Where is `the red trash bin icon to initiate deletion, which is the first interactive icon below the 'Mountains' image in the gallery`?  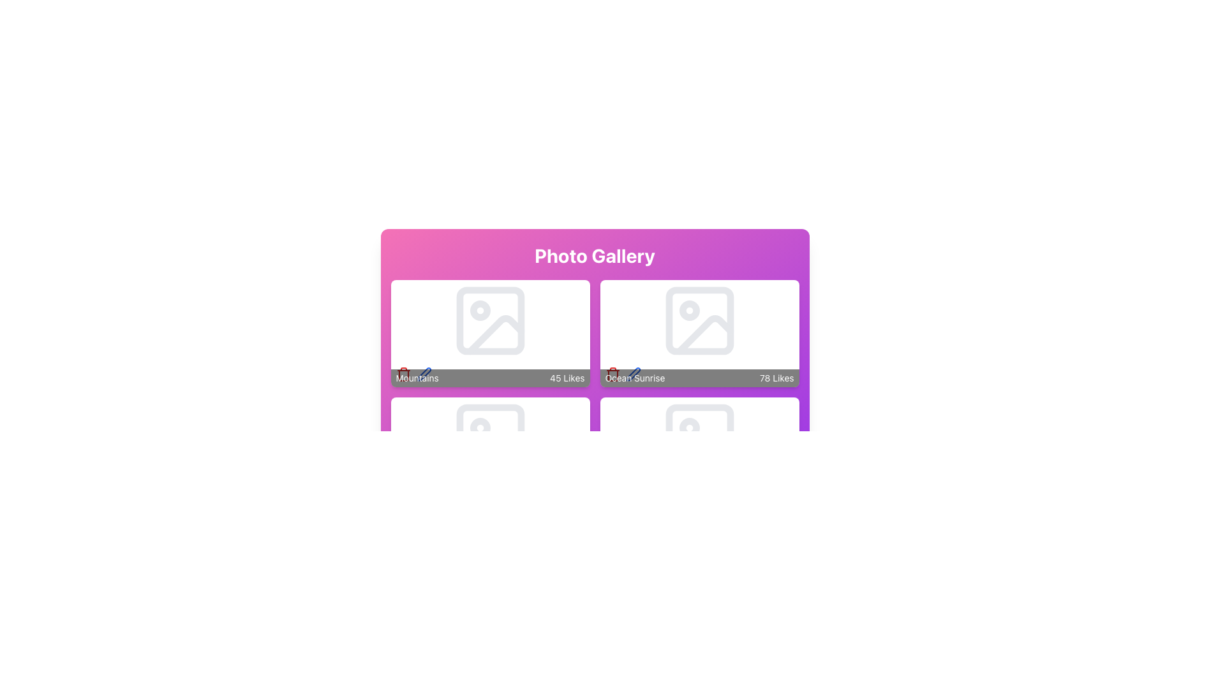
the red trash bin icon to initiate deletion, which is the first interactive icon below the 'Mountains' image in the gallery is located at coordinates (403, 491).